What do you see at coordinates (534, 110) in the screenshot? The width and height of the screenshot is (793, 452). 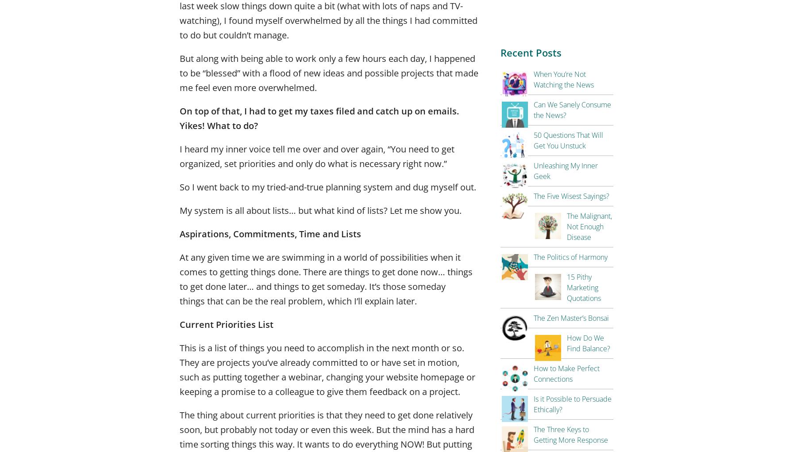 I see `'Can We Sanely Consume the News?'` at bounding box center [534, 110].